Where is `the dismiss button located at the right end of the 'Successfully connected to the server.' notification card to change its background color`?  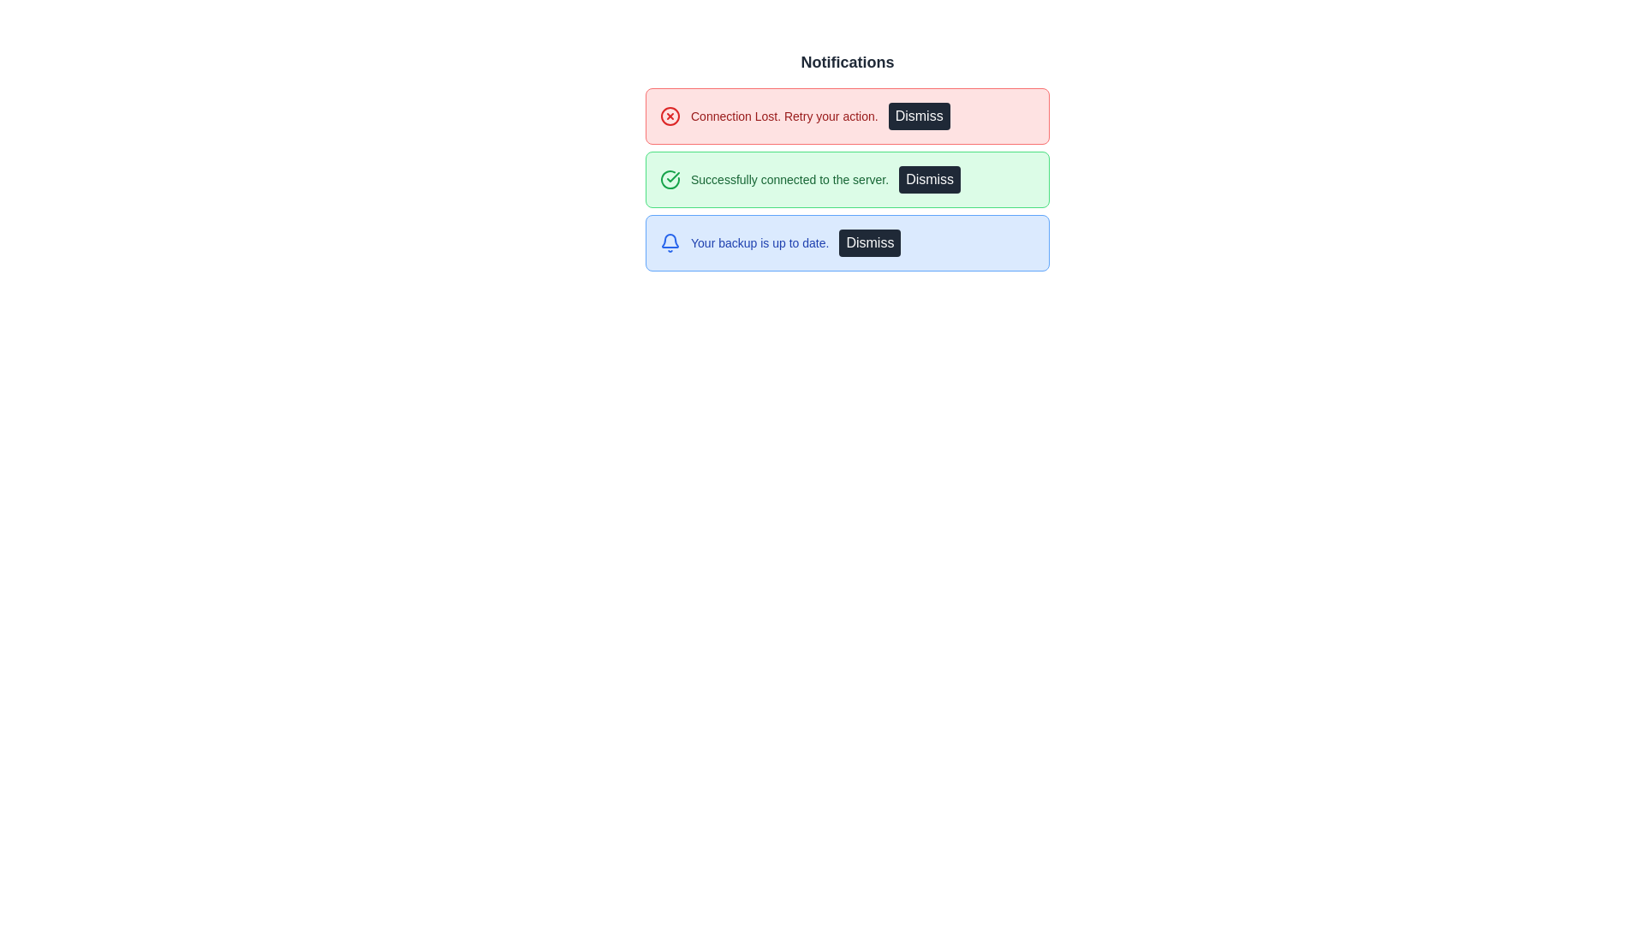 the dismiss button located at the right end of the 'Successfully connected to the server.' notification card to change its background color is located at coordinates (929, 179).